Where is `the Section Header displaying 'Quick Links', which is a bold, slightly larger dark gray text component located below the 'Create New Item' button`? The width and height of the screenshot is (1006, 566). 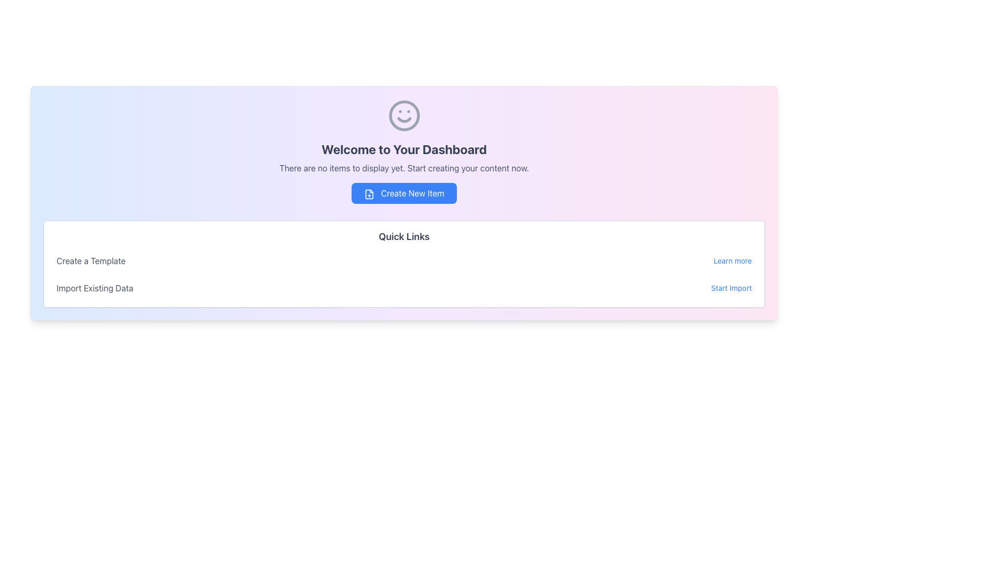 the Section Header displaying 'Quick Links', which is a bold, slightly larger dark gray text component located below the 'Create New Item' button is located at coordinates (403, 236).